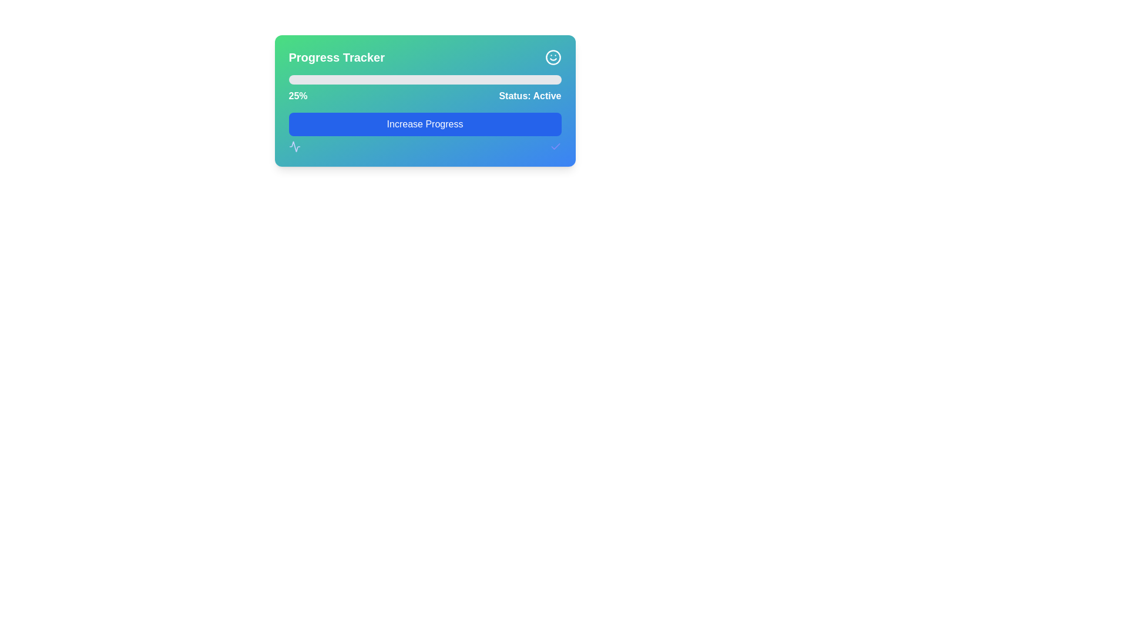 The image size is (1128, 634). Describe the element at coordinates (424, 100) in the screenshot. I see `the 'Increase Progress' button located in the Card component of the progress tracker, which features a gradient background and is centered at the bottom of the card` at that location.